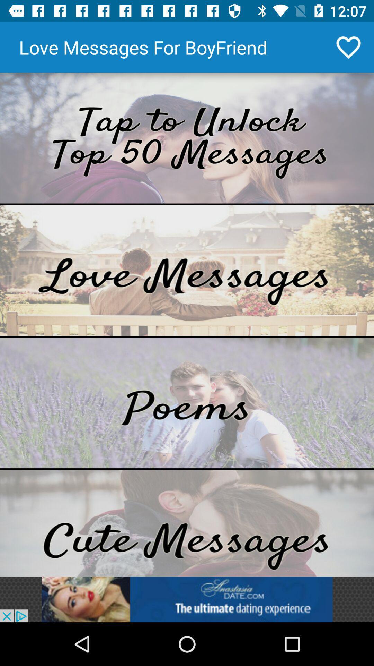 The width and height of the screenshot is (374, 666). I want to click on advertising advertisement, so click(187, 599).